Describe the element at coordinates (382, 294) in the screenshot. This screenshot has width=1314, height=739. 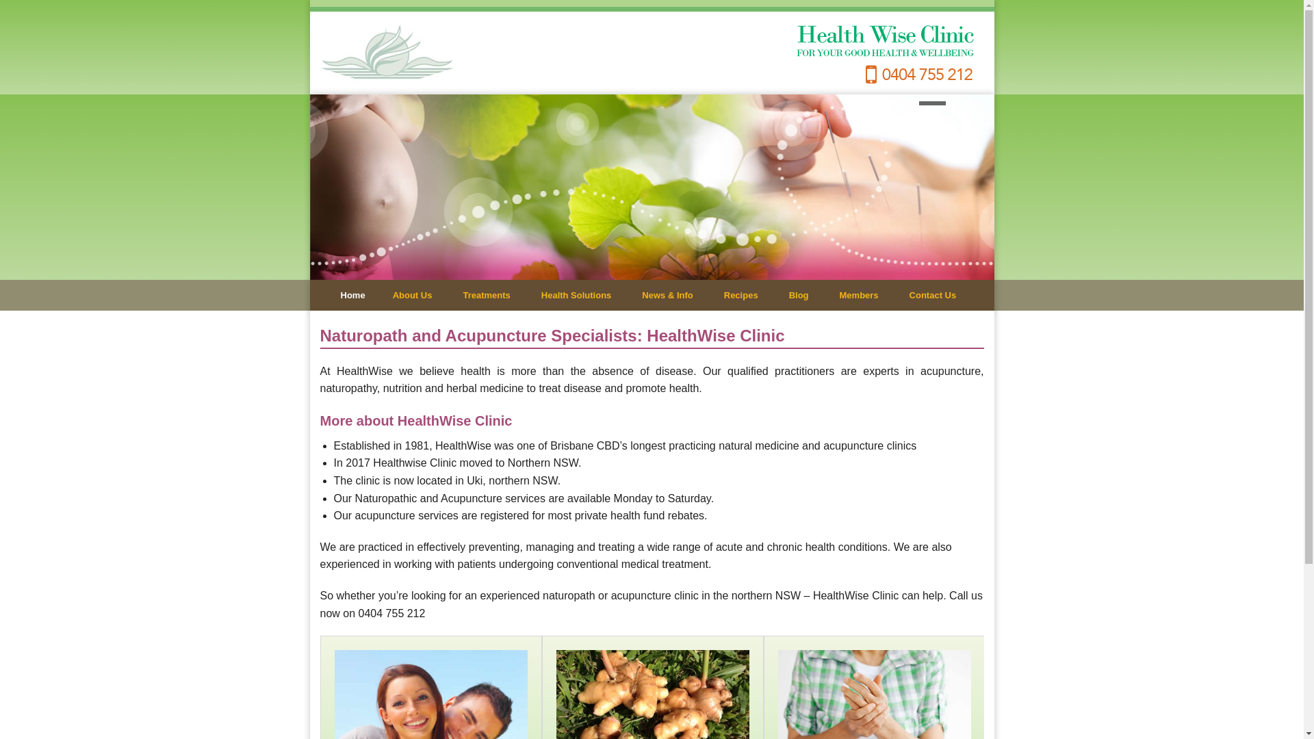
I see `'About Us'` at that location.